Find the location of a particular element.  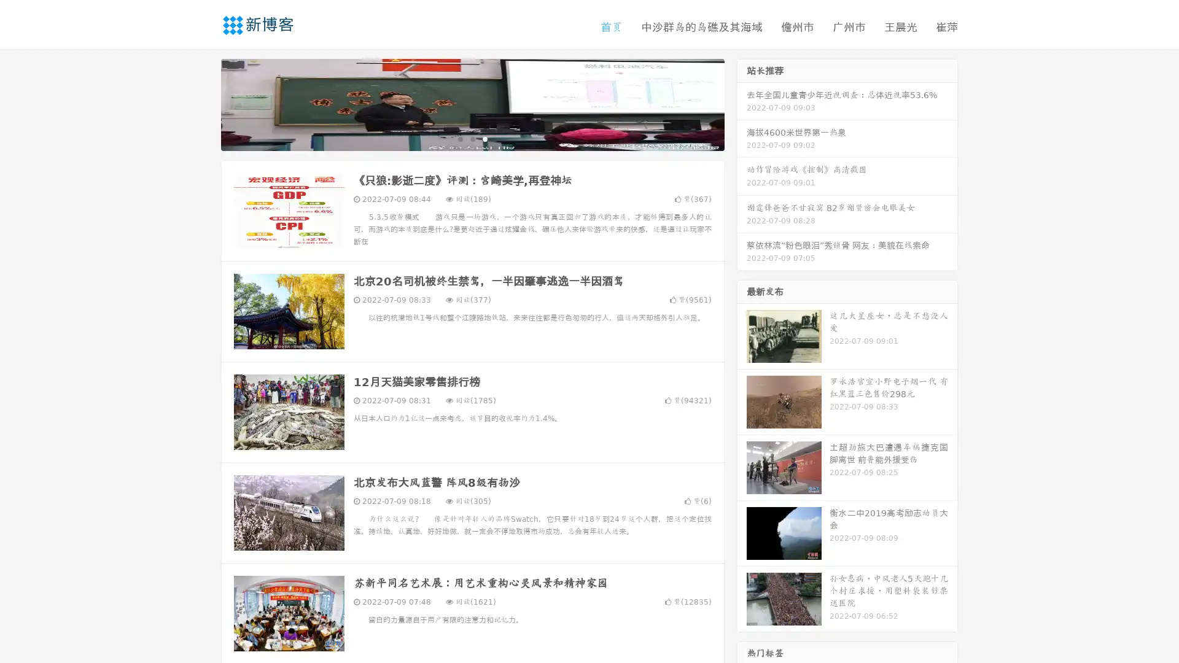

Previous slide is located at coordinates (203, 103).